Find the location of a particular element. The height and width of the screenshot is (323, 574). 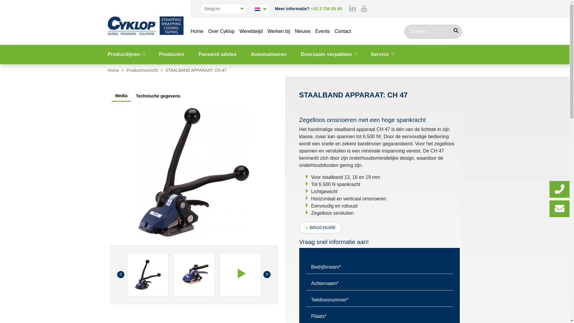

'Duurzaam verpakken' is located at coordinates (328, 54).